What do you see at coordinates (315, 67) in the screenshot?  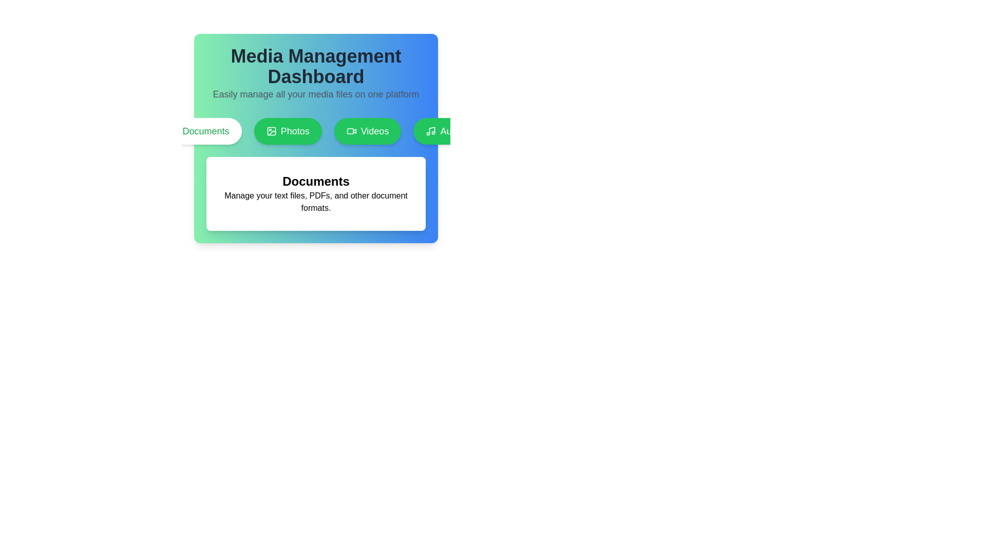 I see `the header text element, which serves as the title for the interface and is positioned above the tagline` at bounding box center [315, 67].